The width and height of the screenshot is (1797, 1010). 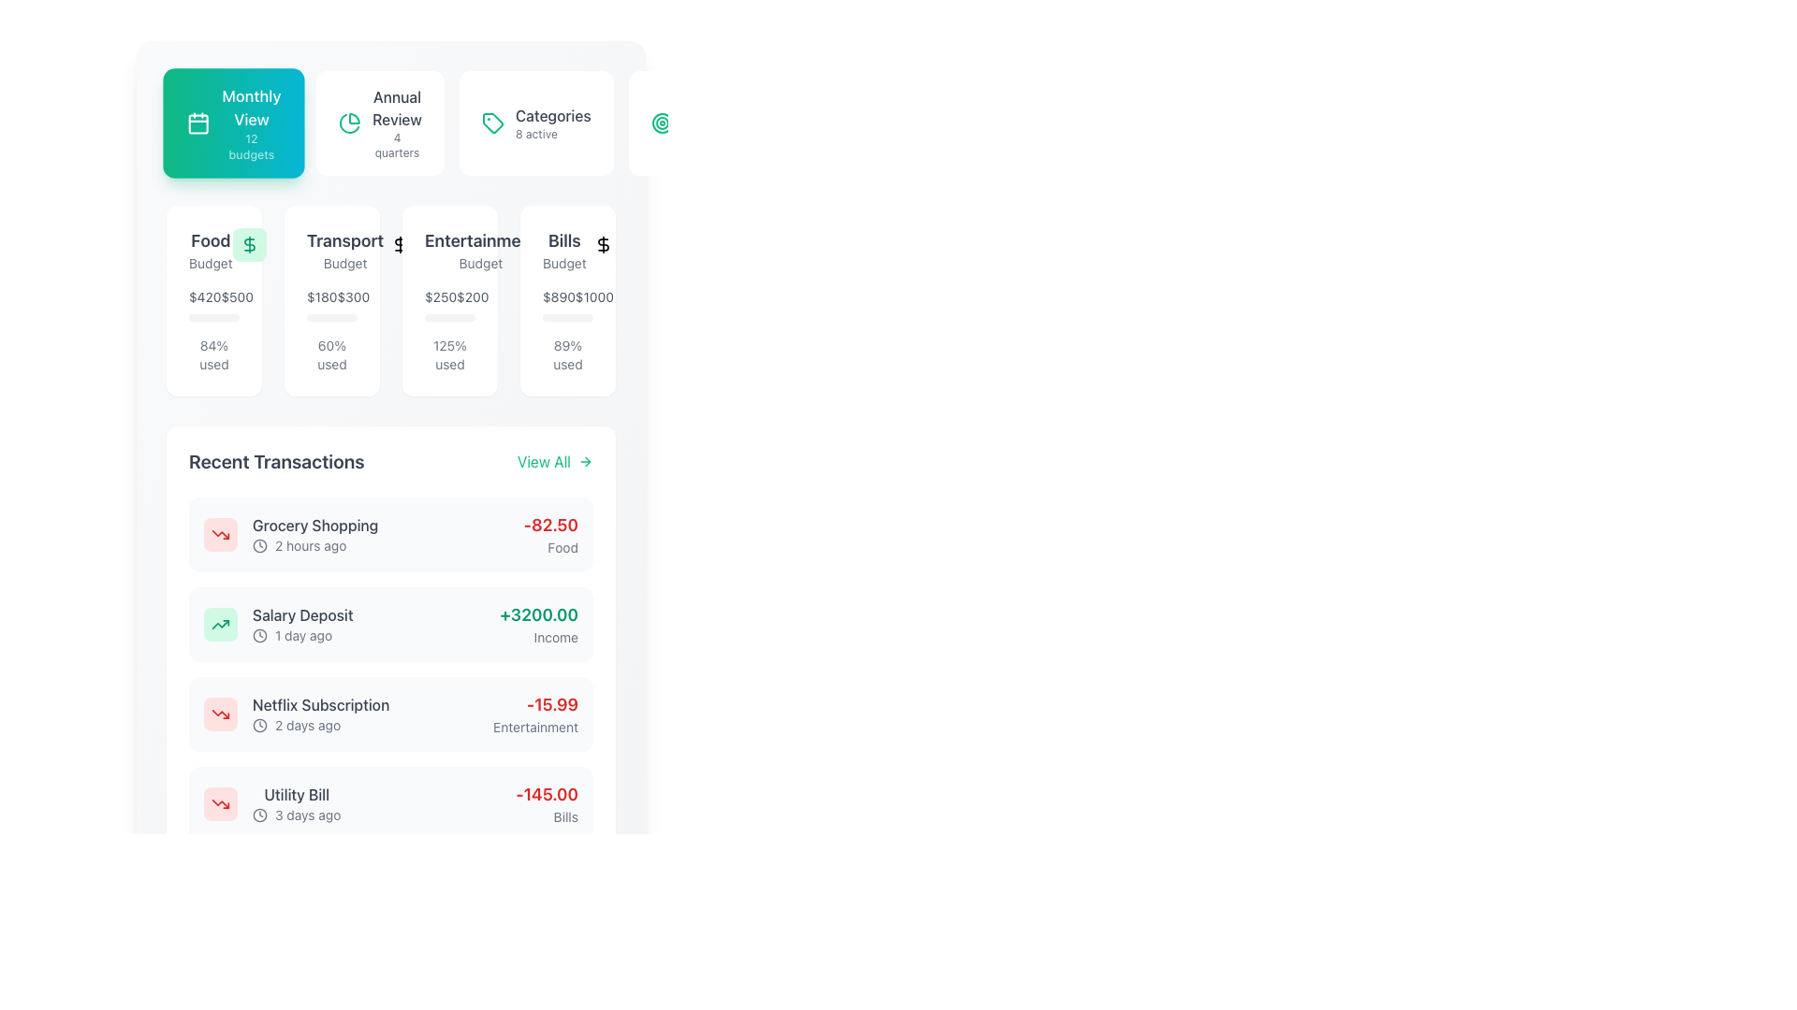 What do you see at coordinates (308, 724) in the screenshot?
I see `the text label displaying '2 days ago', which is located in the 'Recent Transactions' section next to a clock icon under the 'Netflix Subscription' row` at bounding box center [308, 724].